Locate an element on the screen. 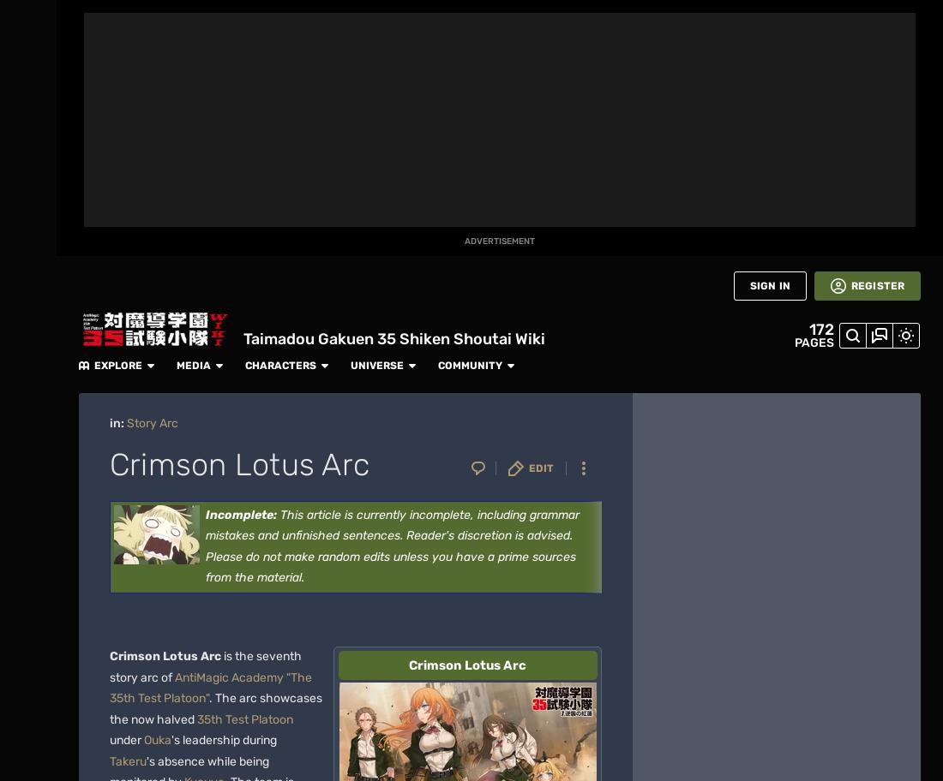  'Media' is located at coordinates (478, 18).